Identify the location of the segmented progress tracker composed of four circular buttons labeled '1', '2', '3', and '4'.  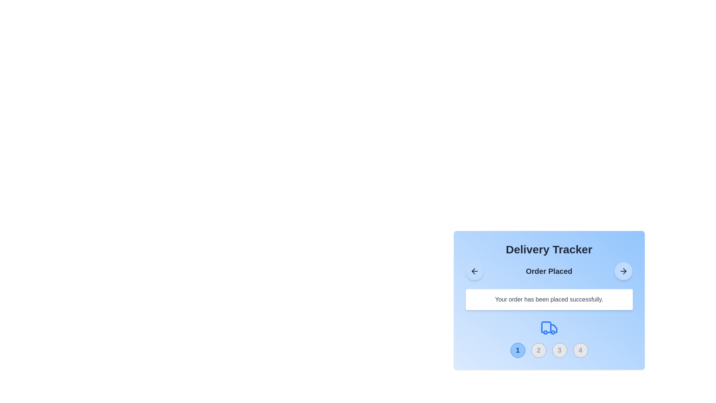
(549, 350).